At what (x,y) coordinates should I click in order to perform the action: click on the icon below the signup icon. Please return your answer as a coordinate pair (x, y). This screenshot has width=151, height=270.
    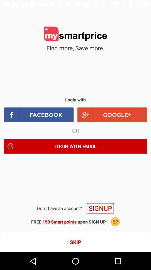
    Looking at the image, I should click on (68, 222).